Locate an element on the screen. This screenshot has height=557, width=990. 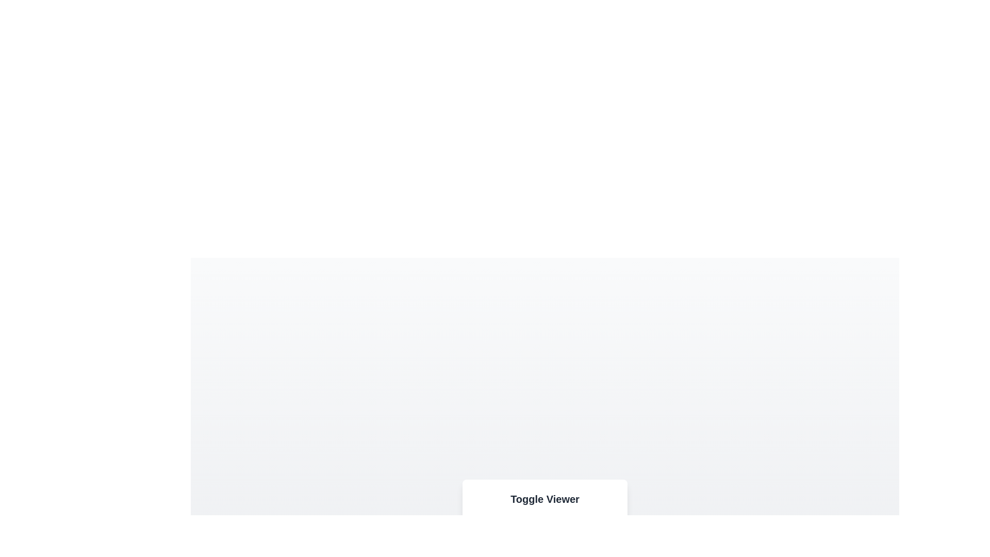
the option Video from the toggle button is located at coordinates (533, 536).